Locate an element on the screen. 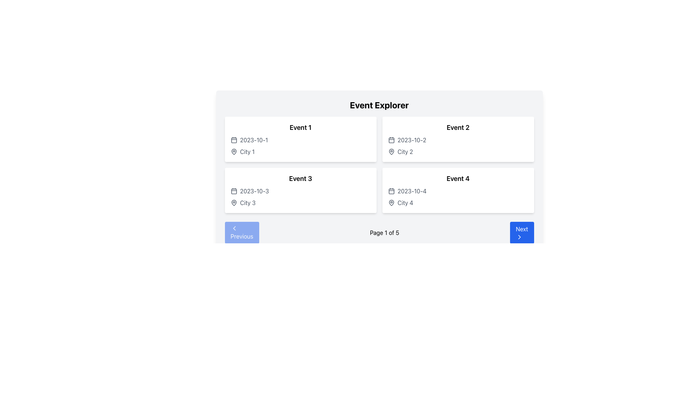 The height and width of the screenshot is (394, 700). SVG Shape that forms the main body of the calendar icon next to the date '2023-10-2' in the upper right block of the 'Event Explorer' interface is located at coordinates (391, 140).